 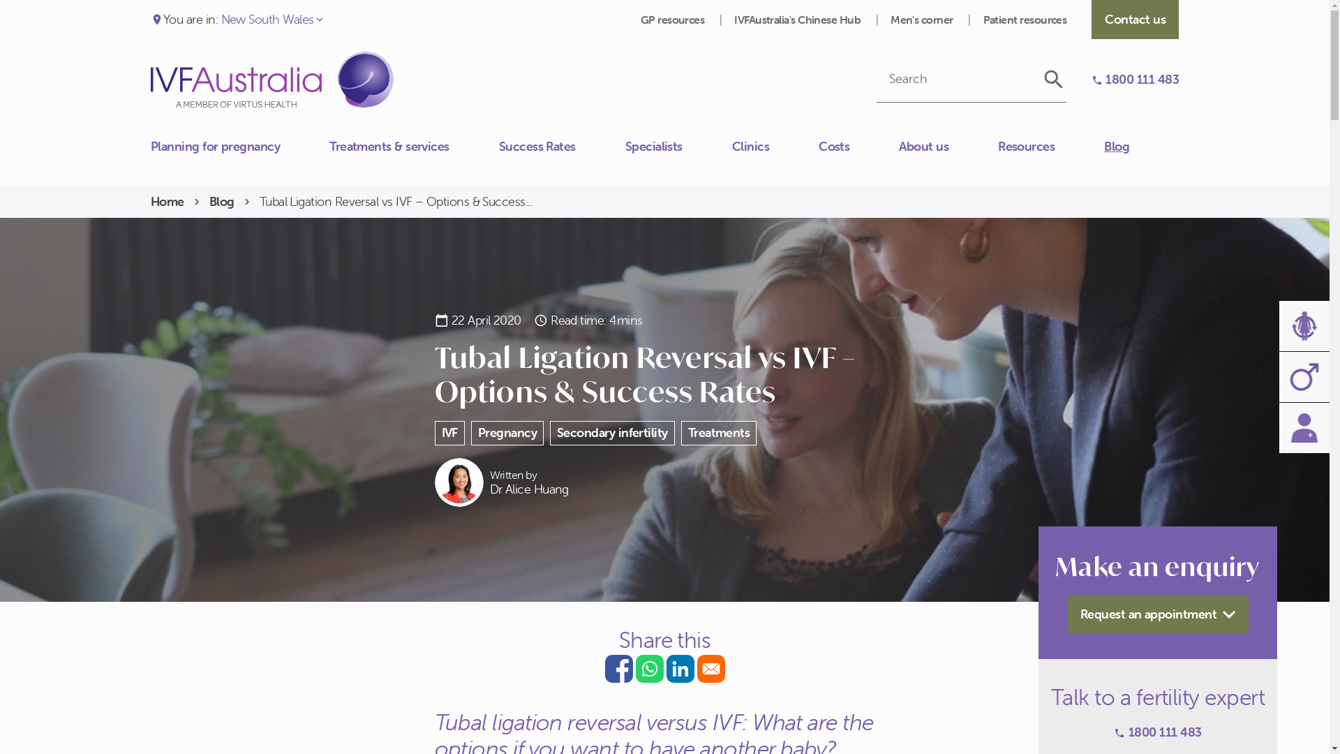 I want to click on 'Find out more about Dr Alice Huang', so click(x=433, y=481).